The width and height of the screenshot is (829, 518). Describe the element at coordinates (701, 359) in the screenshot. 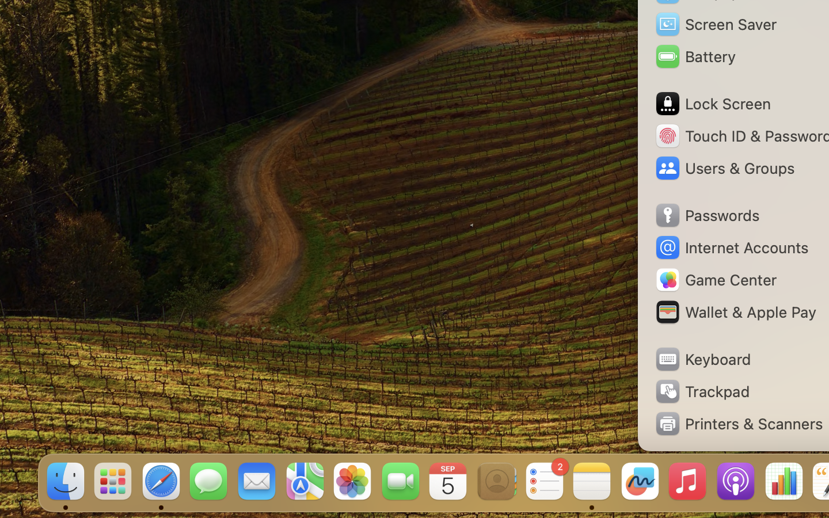

I see `'Keyboard'` at that location.